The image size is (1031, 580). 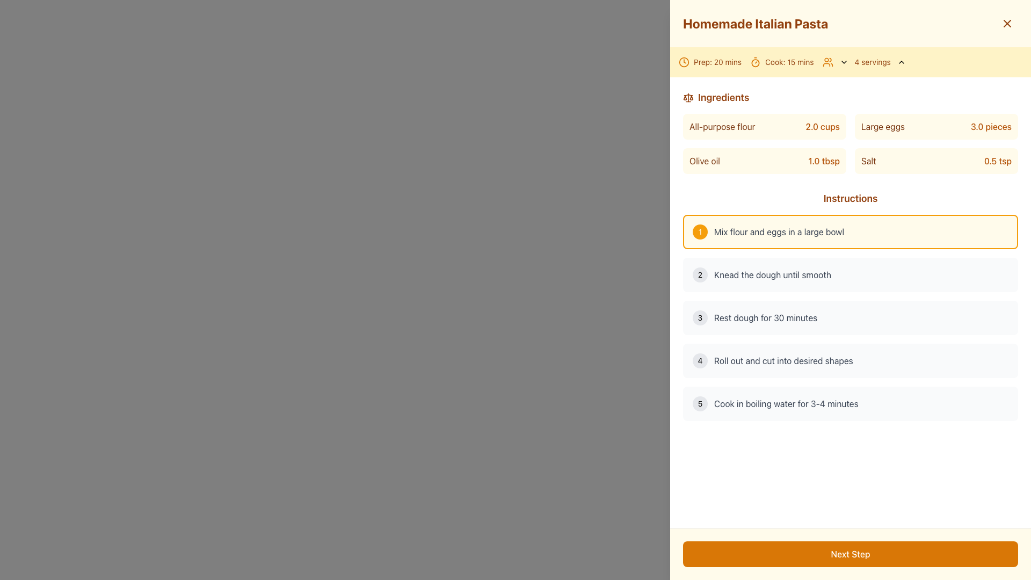 I want to click on the Step indicator badge located to the left of the text 'Roll out and cut into desired shapes.' in the fourth instruction of the vertically aligned list, so click(x=700, y=360).